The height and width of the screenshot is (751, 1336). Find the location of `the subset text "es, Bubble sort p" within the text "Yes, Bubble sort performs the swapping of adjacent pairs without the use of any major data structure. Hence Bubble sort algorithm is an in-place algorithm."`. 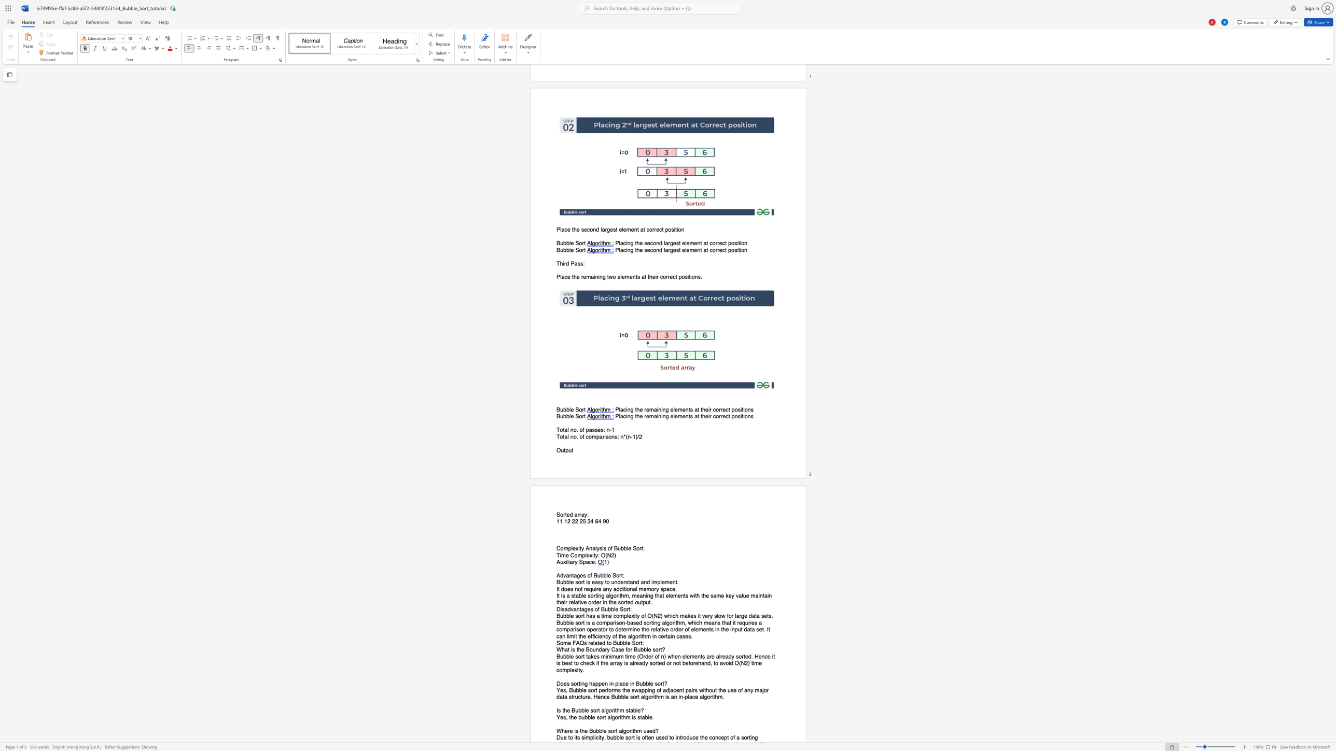

the subset text "es, Bubble sort p" within the text "Yes, Bubble sort performs the swapping of adjacent pairs without the use of any major data structure. Hence Bubble sort algorithm is an in-place algorithm." is located at coordinates (560, 689).